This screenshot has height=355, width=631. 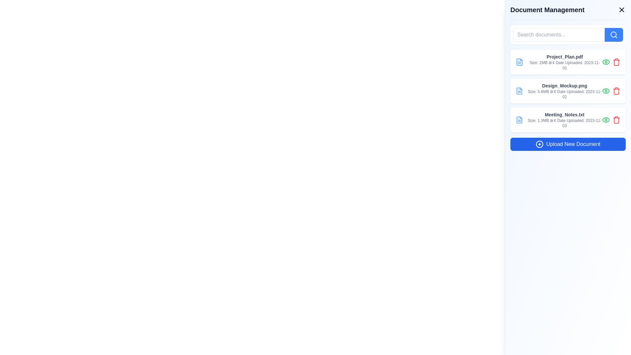 What do you see at coordinates (616, 91) in the screenshot?
I see `the red trash icon button, which is the rightmost item in the row of icons associated with the document entry 'Design_Mockup.png'` at bounding box center [616, 91].